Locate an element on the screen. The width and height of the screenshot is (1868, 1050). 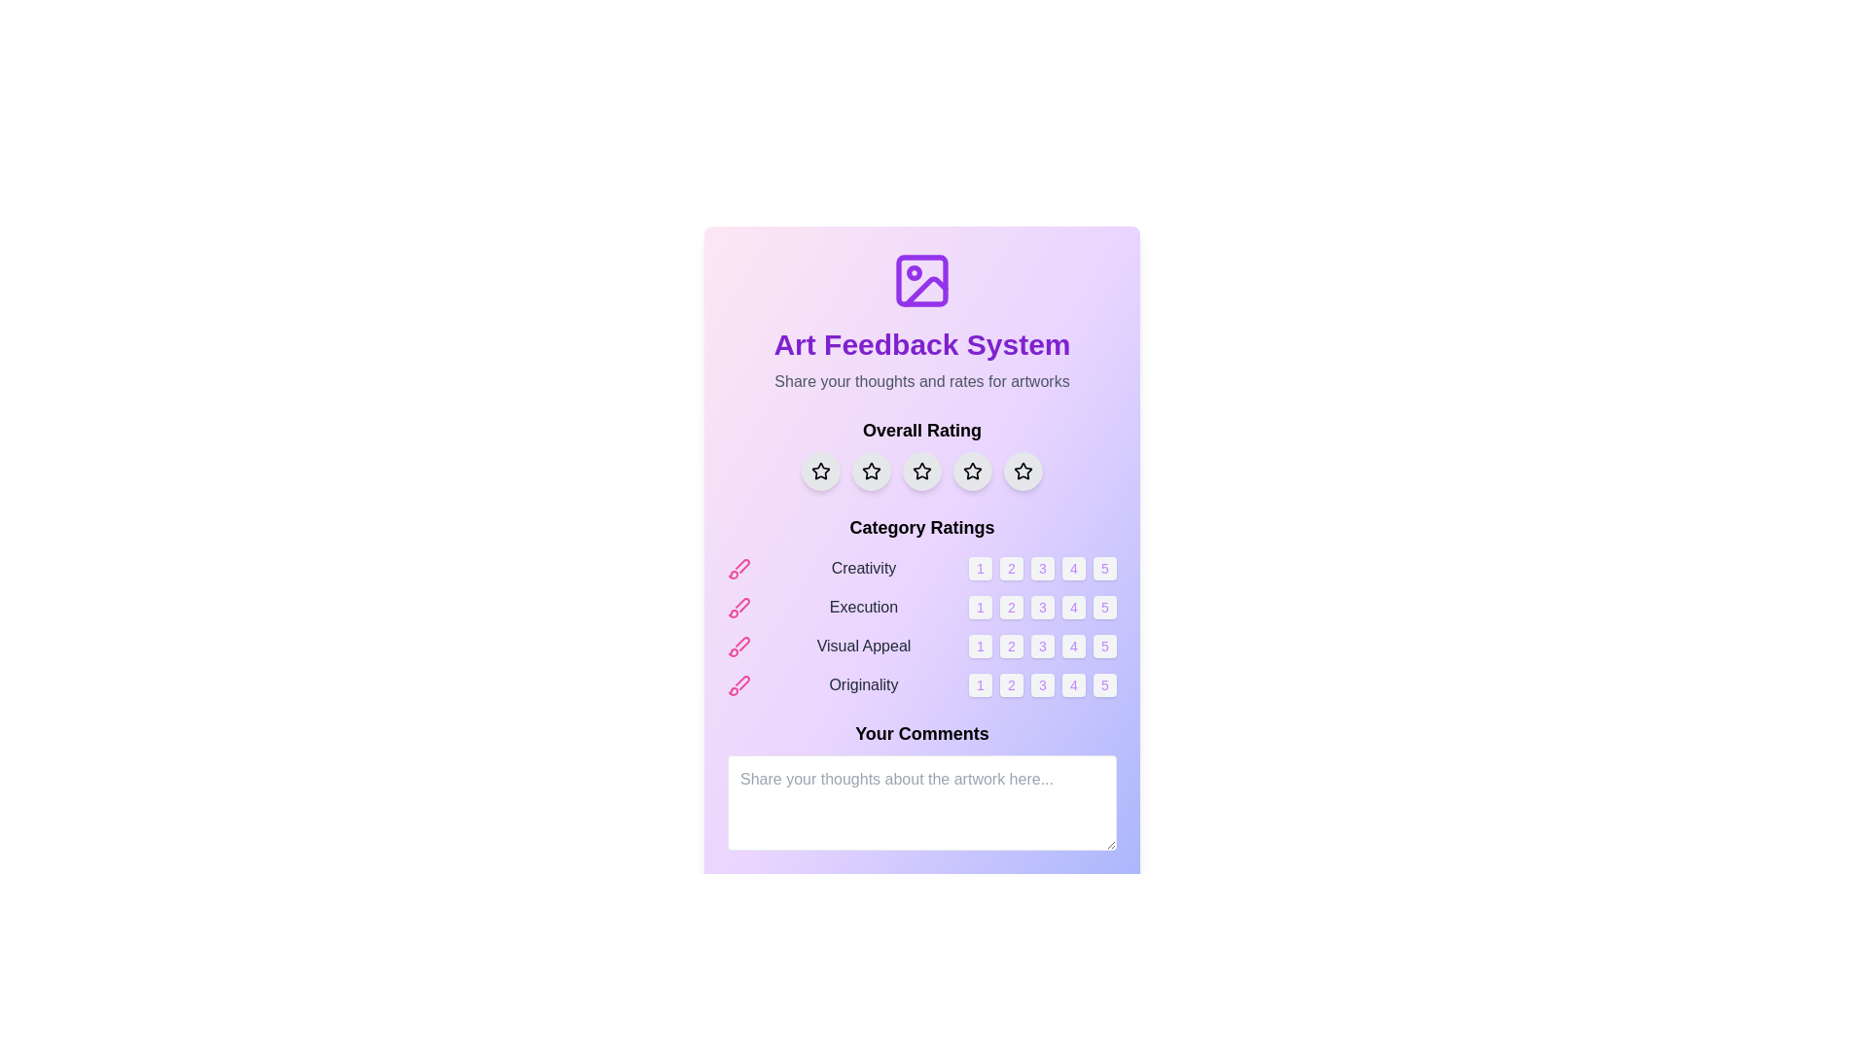
the fourth star icon in the 'Overall Rating' section is located at coordinates (972, 472).